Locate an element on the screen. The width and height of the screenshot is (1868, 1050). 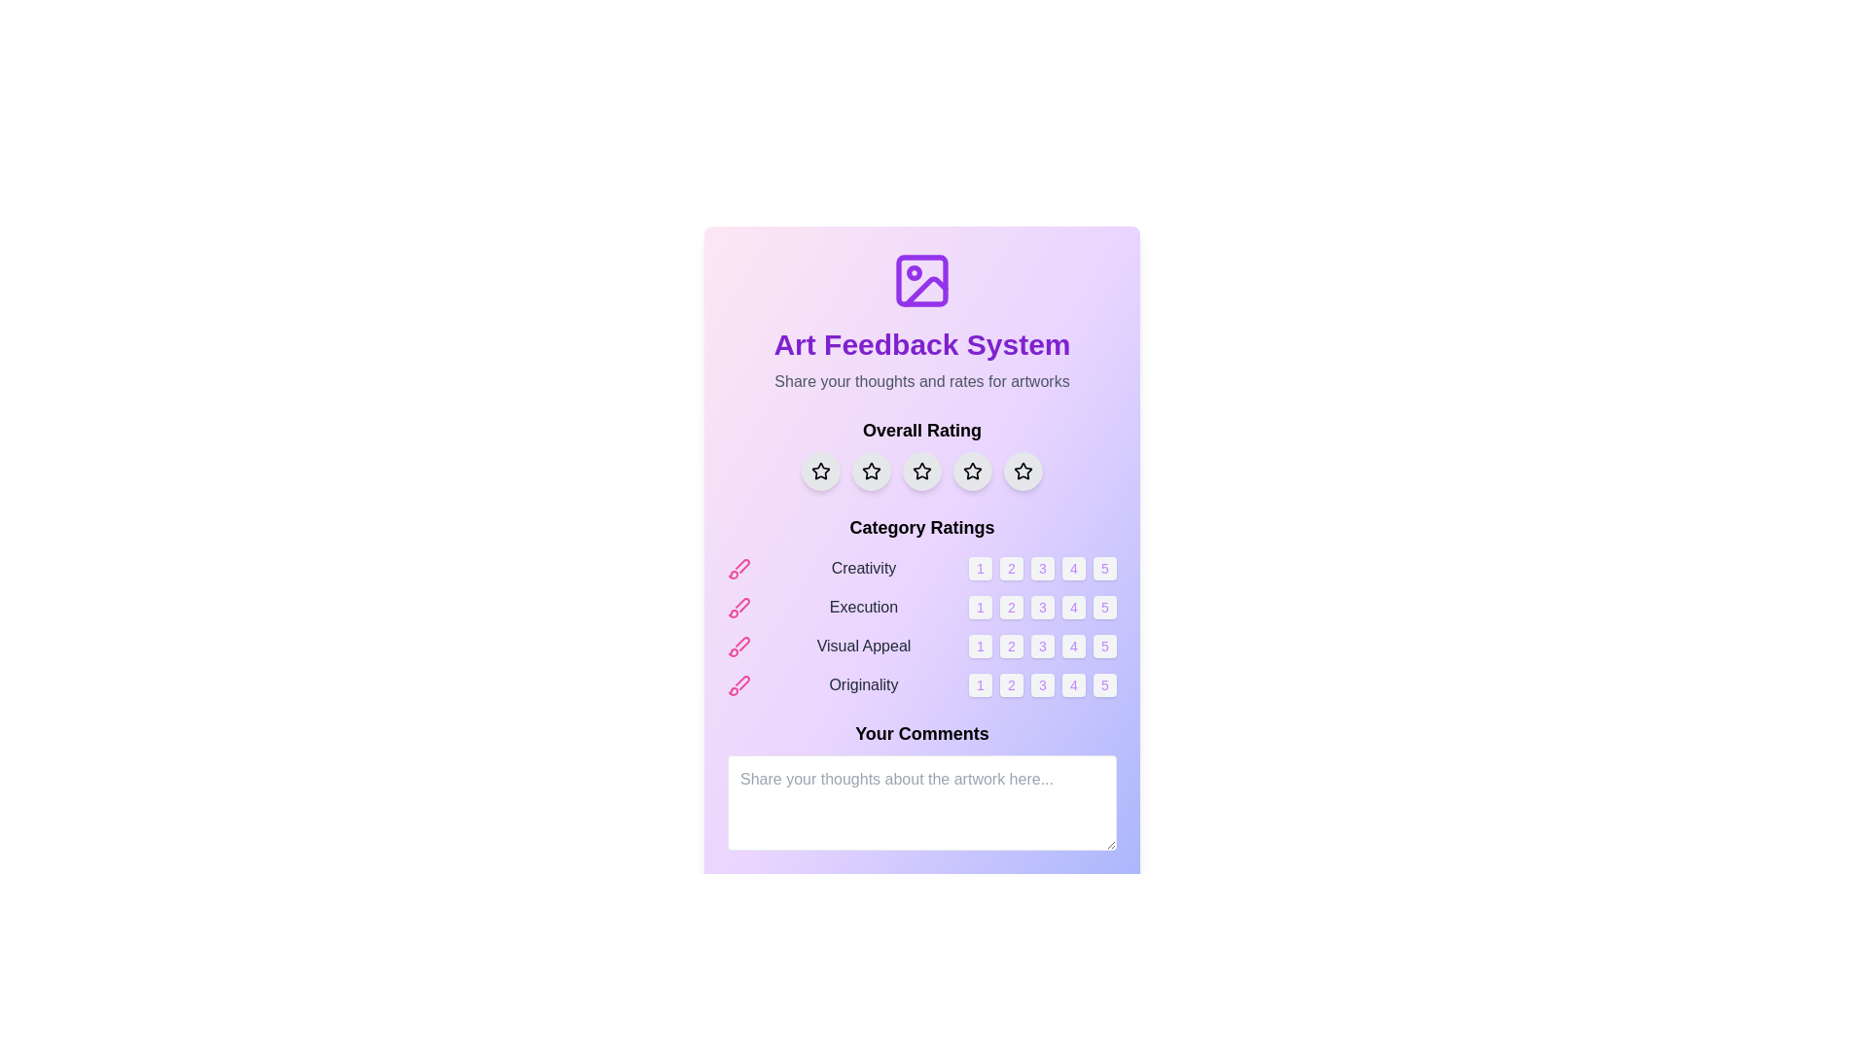
the fourth star icon in the 'Overall Rating' section is located at coordinates (972, 472).